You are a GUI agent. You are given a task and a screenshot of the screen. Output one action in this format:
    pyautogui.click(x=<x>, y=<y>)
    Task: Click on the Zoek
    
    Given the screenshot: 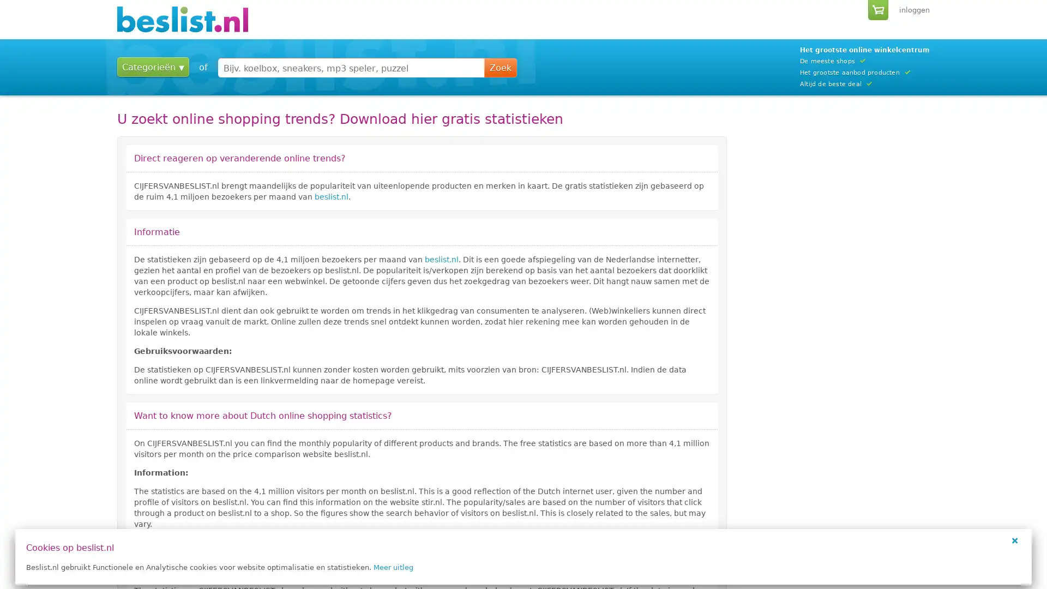 What is the action you would take?
    pyautogui.click(x=500, y=67)
    